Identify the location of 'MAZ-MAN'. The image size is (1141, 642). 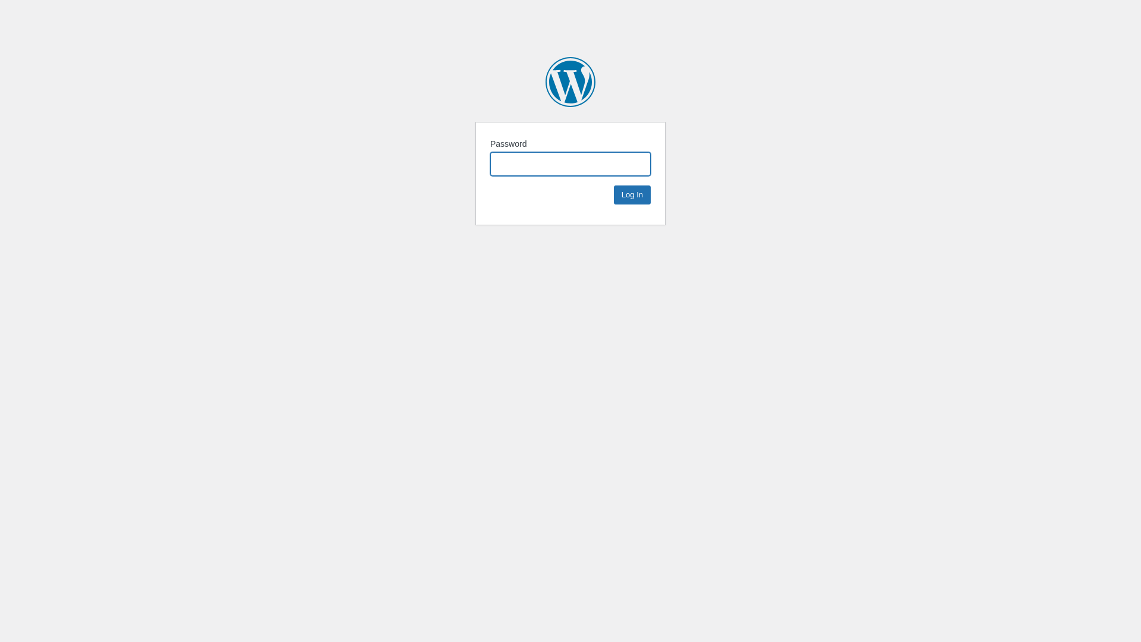
(570, 81).